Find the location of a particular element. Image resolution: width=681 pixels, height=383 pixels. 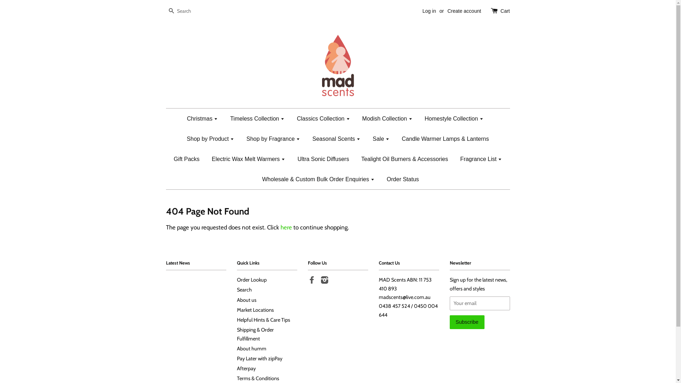

'Christmas' is located at coordinates (204, 118).